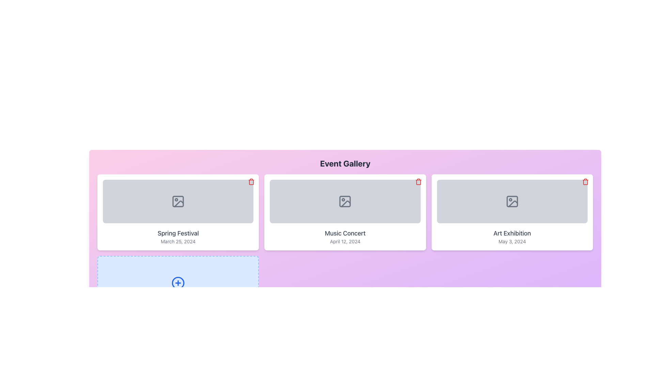 The image size is (654, 367). Describe the element at coordinates (178, 288) in the screenshot. I see `the circular 'Add Event' button located in the bottom row of the interface below the 'Spring Festival' card` at that location.